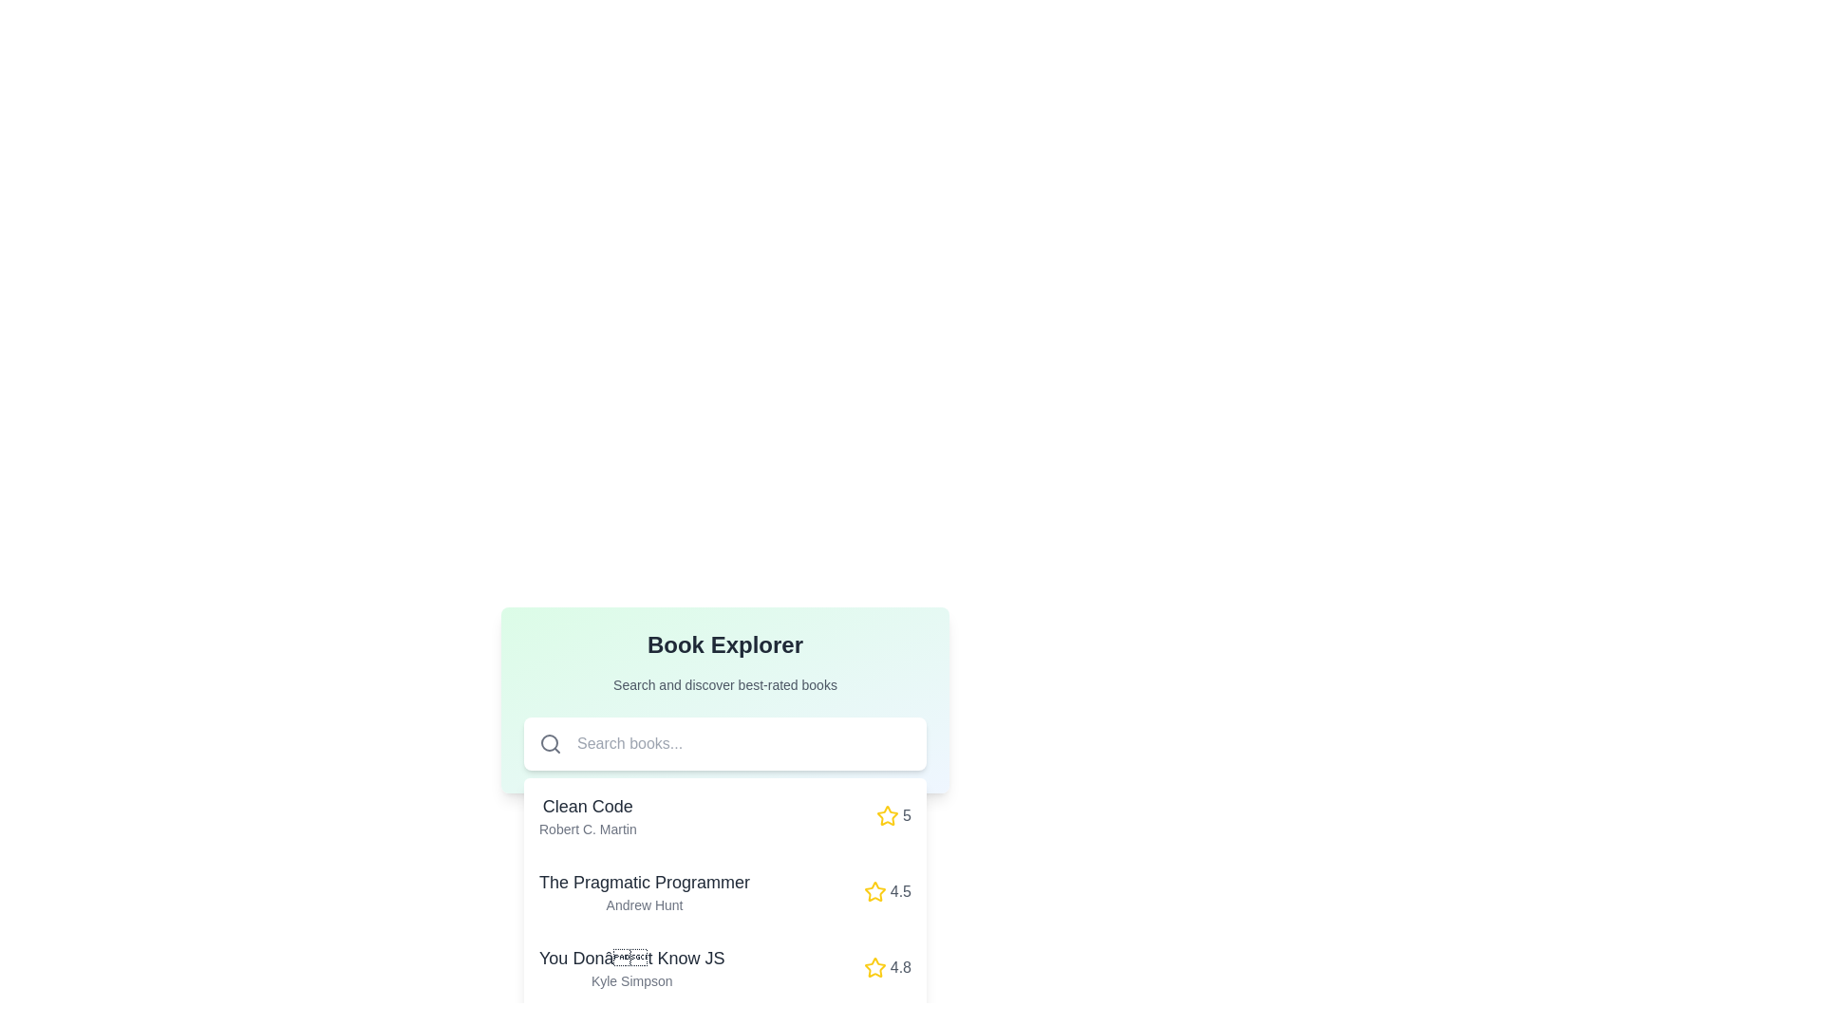  Describe the element at coordinates (724, 684) in the screenshot. I see `the static text that serves as a descriptive subtitle for the 'Book Explorer' feature, located beneath the title and above the search bar` at that location.